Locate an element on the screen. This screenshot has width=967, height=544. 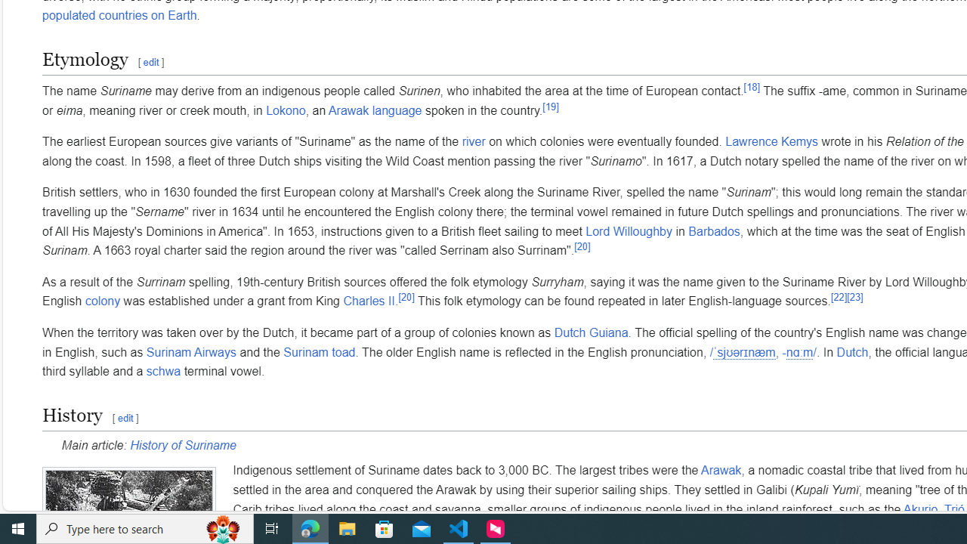
'Charles II' is located at coordinates (369, 301).